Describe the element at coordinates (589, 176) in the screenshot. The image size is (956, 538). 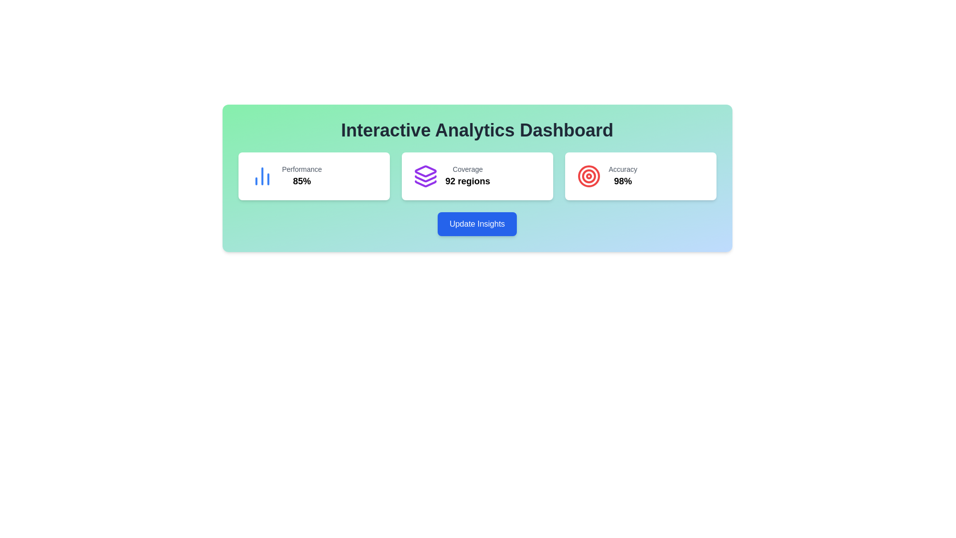
I see `the second innermost circle of the target icon in the 'Accuracy' metric display, which serves as a visual cue for precision` at that location.